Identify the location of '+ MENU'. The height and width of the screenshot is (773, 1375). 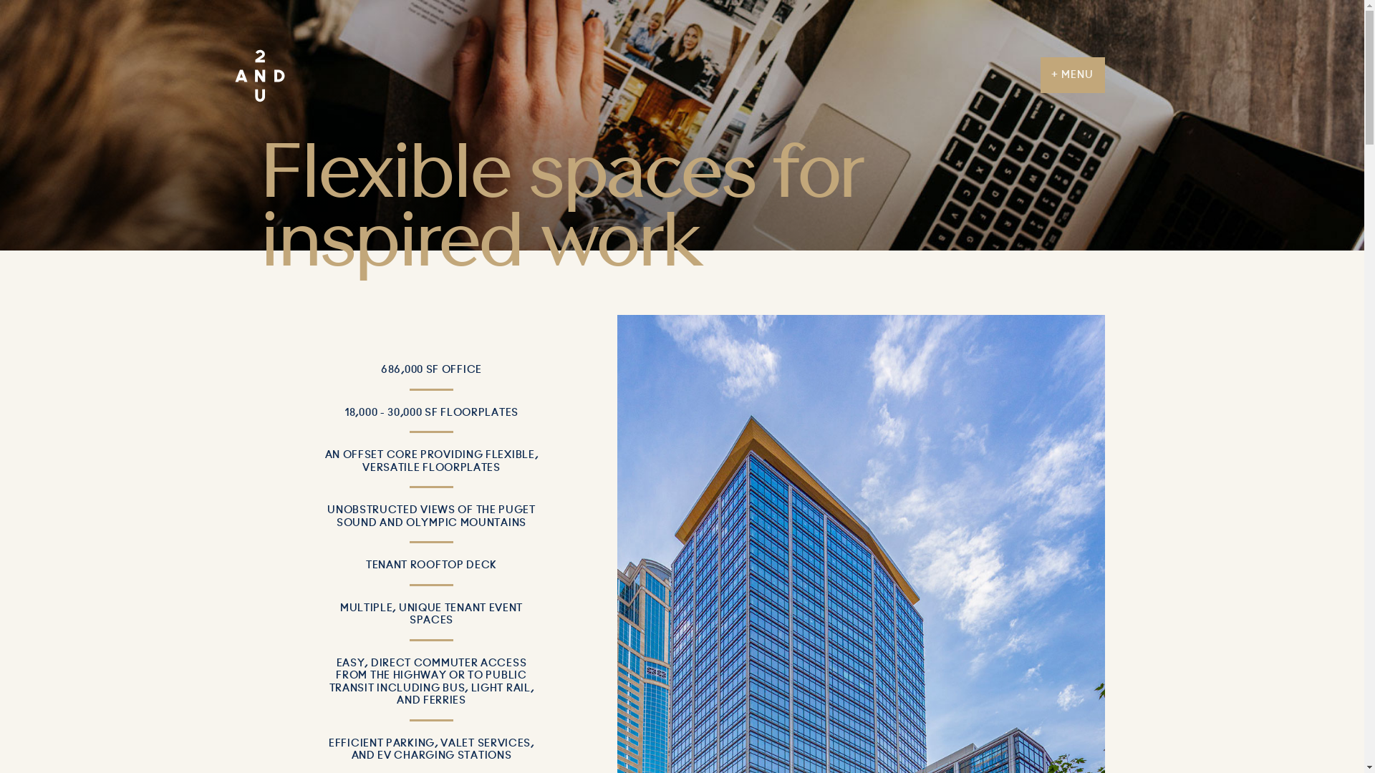
(1072, 74).